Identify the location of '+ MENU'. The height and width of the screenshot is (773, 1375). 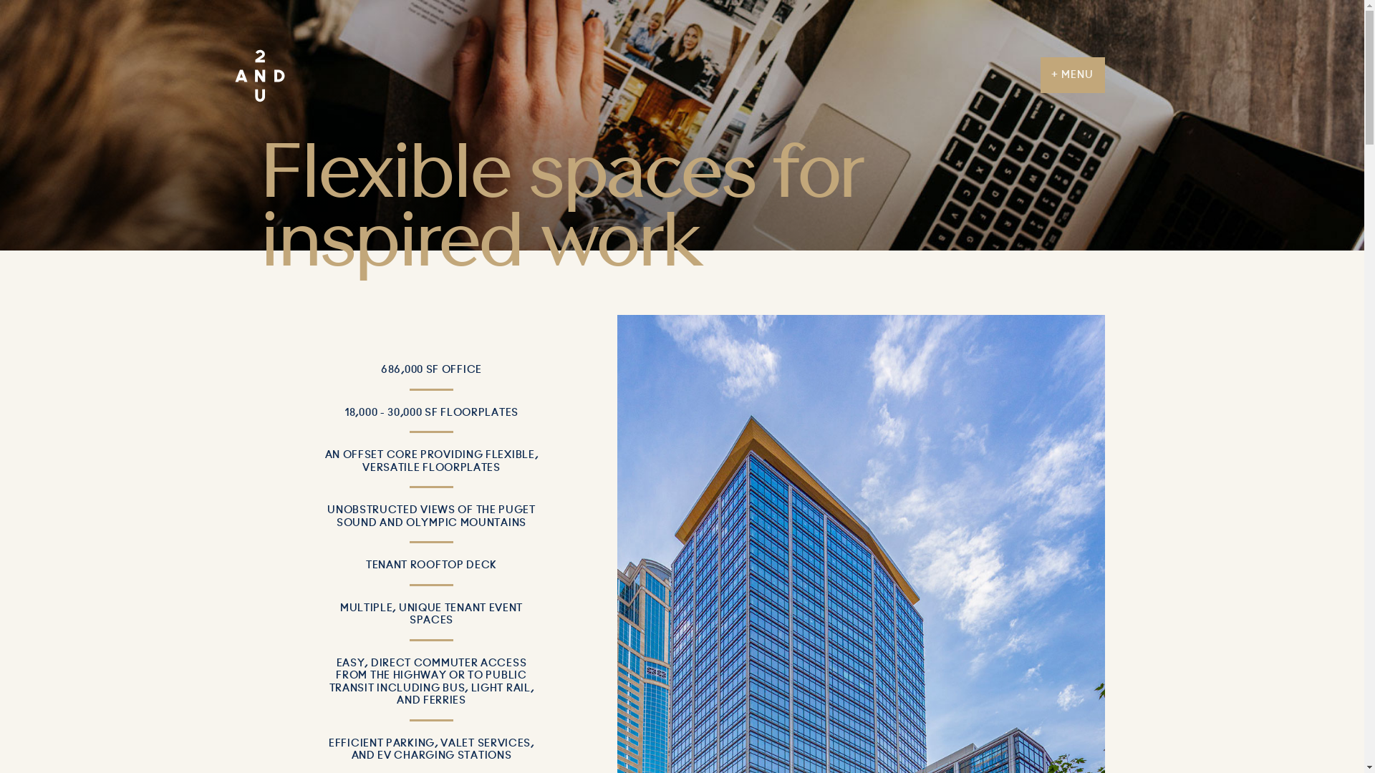
(1072, 74).